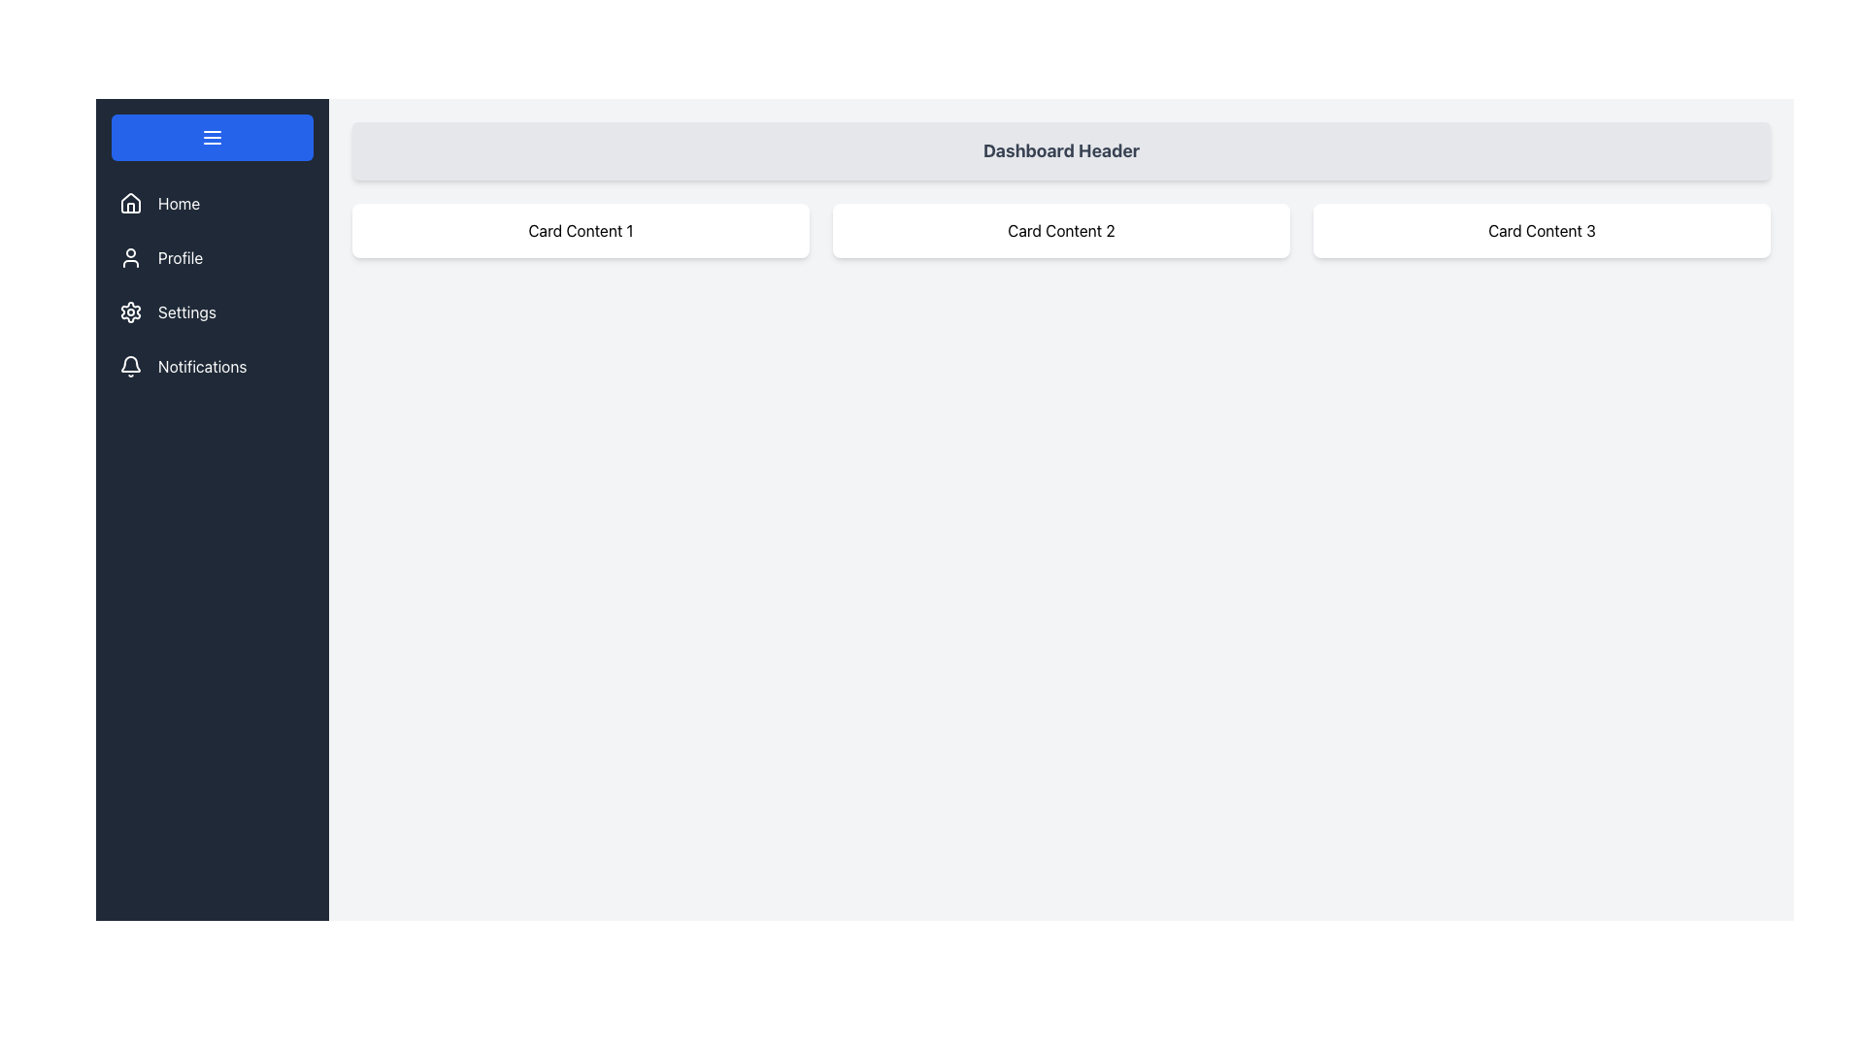 This screenshot has width=1864, height=1048. What do you see at coordinates (213, 367) in the screenshot?
I see `the 'Notifications' button which features a bell icon and white text on a dark blue background, located in the left side navigation column as the fourth item` at bounding box center [213, 367].